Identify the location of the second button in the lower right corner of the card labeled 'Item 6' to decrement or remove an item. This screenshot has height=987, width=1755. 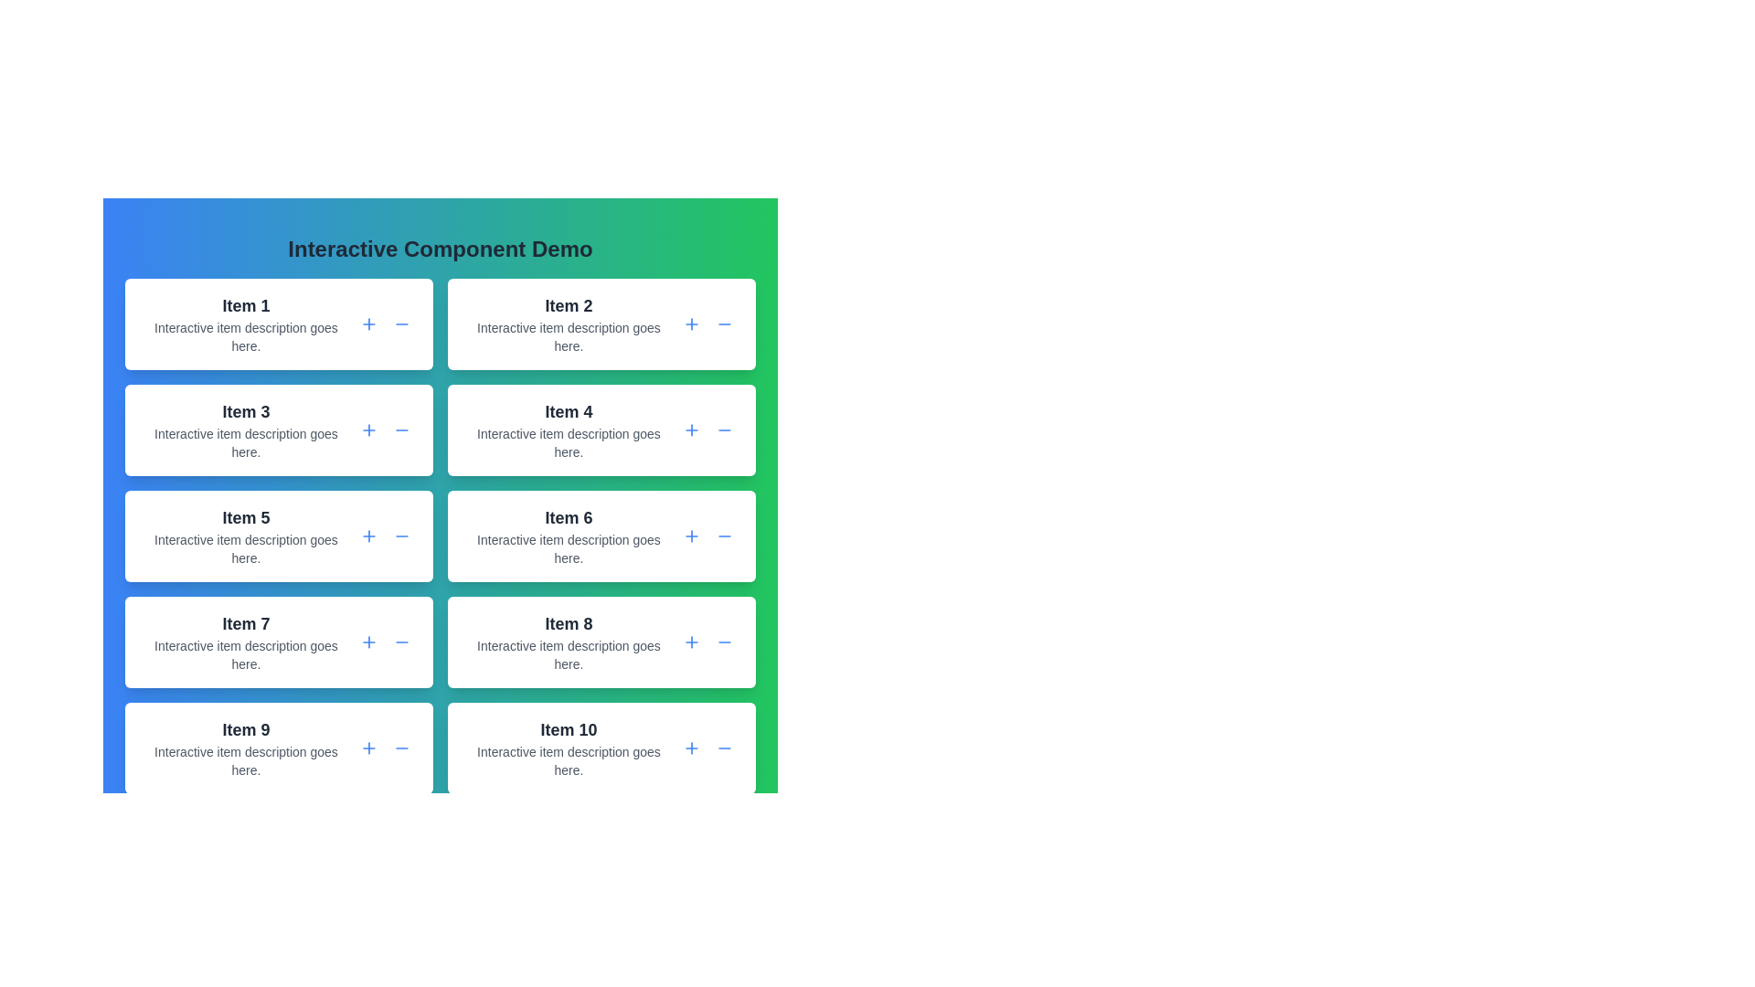
(723, 535).